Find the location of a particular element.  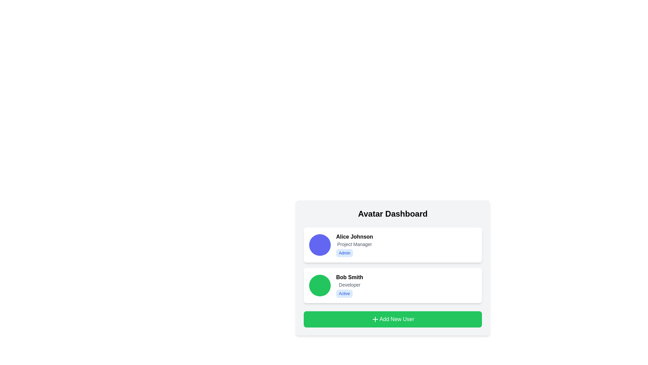

the first Profile card in the 'Avatar Dashboard' section is located at coordinates (393, 245).